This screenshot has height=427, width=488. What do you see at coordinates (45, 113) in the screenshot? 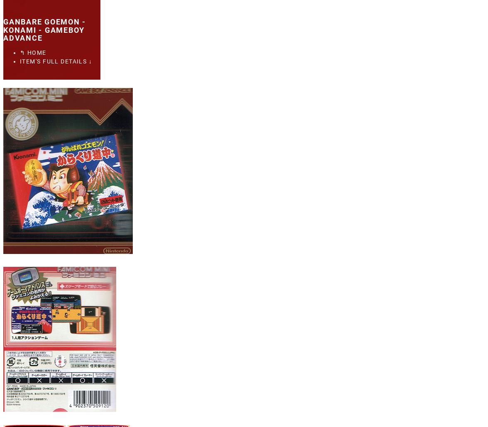
I see `'Neo-Geo AES Carts'` at bounding box center [45, 113].